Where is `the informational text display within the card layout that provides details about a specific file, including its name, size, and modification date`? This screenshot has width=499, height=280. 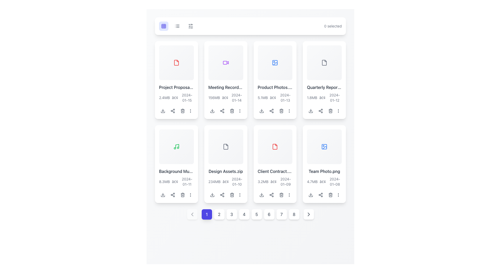
the informational text display within the card layout that provides details about a specific file, including its name, size, and modification date is located at coordinates (226, 93).